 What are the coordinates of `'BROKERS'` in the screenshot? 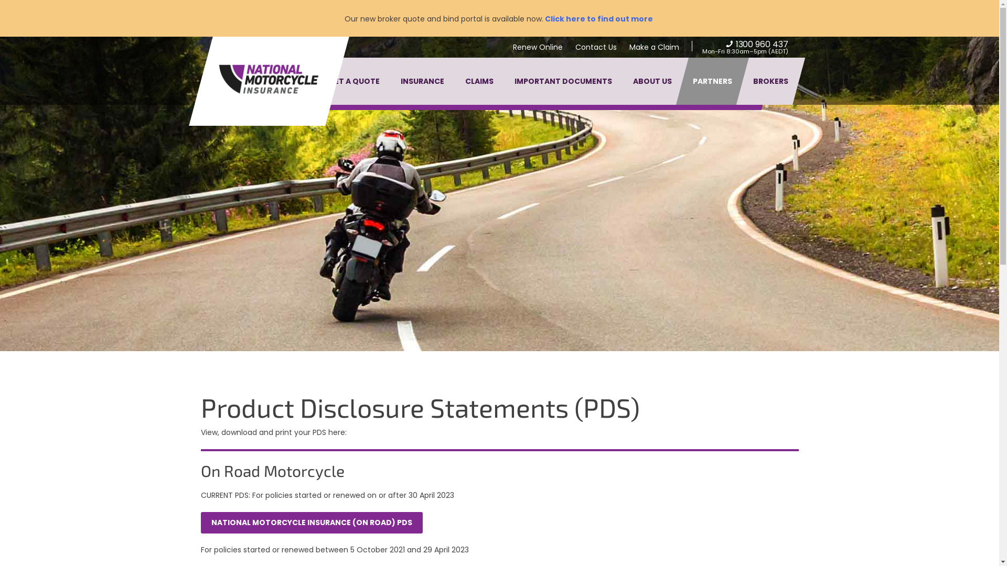 It's located at (770, 80).